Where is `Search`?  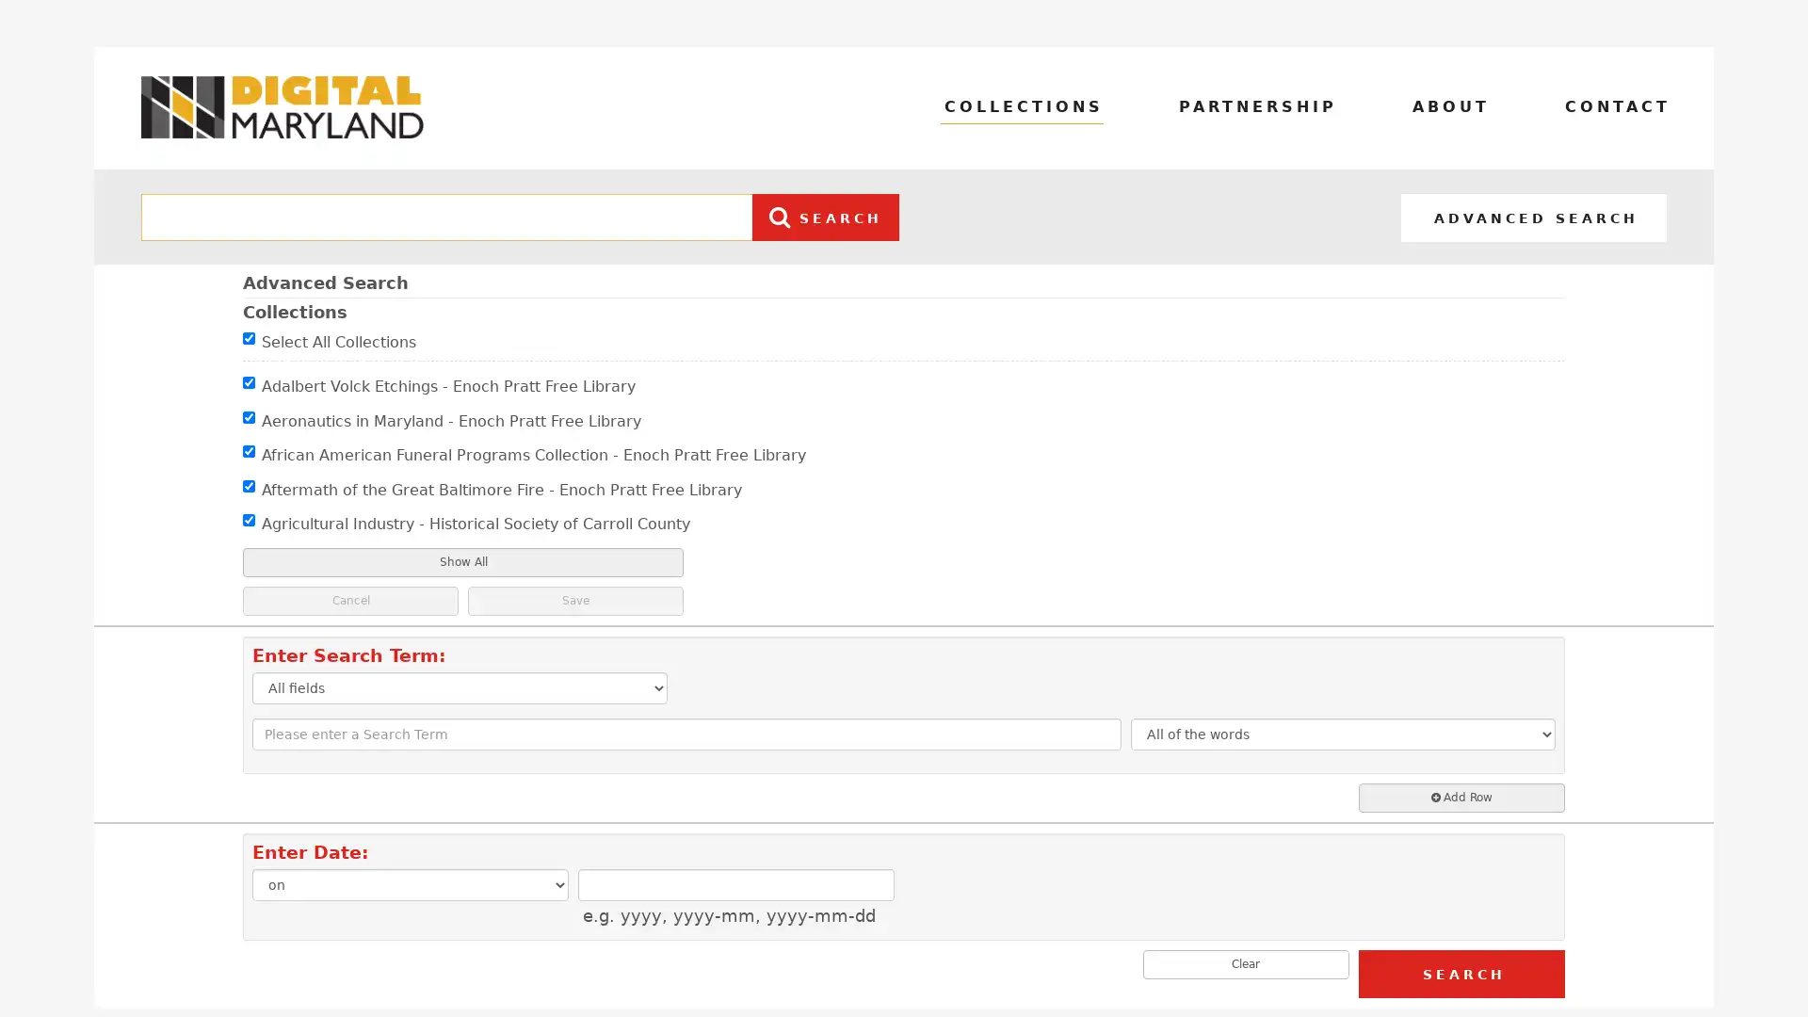
Search is located at coordinates (1460, 973).